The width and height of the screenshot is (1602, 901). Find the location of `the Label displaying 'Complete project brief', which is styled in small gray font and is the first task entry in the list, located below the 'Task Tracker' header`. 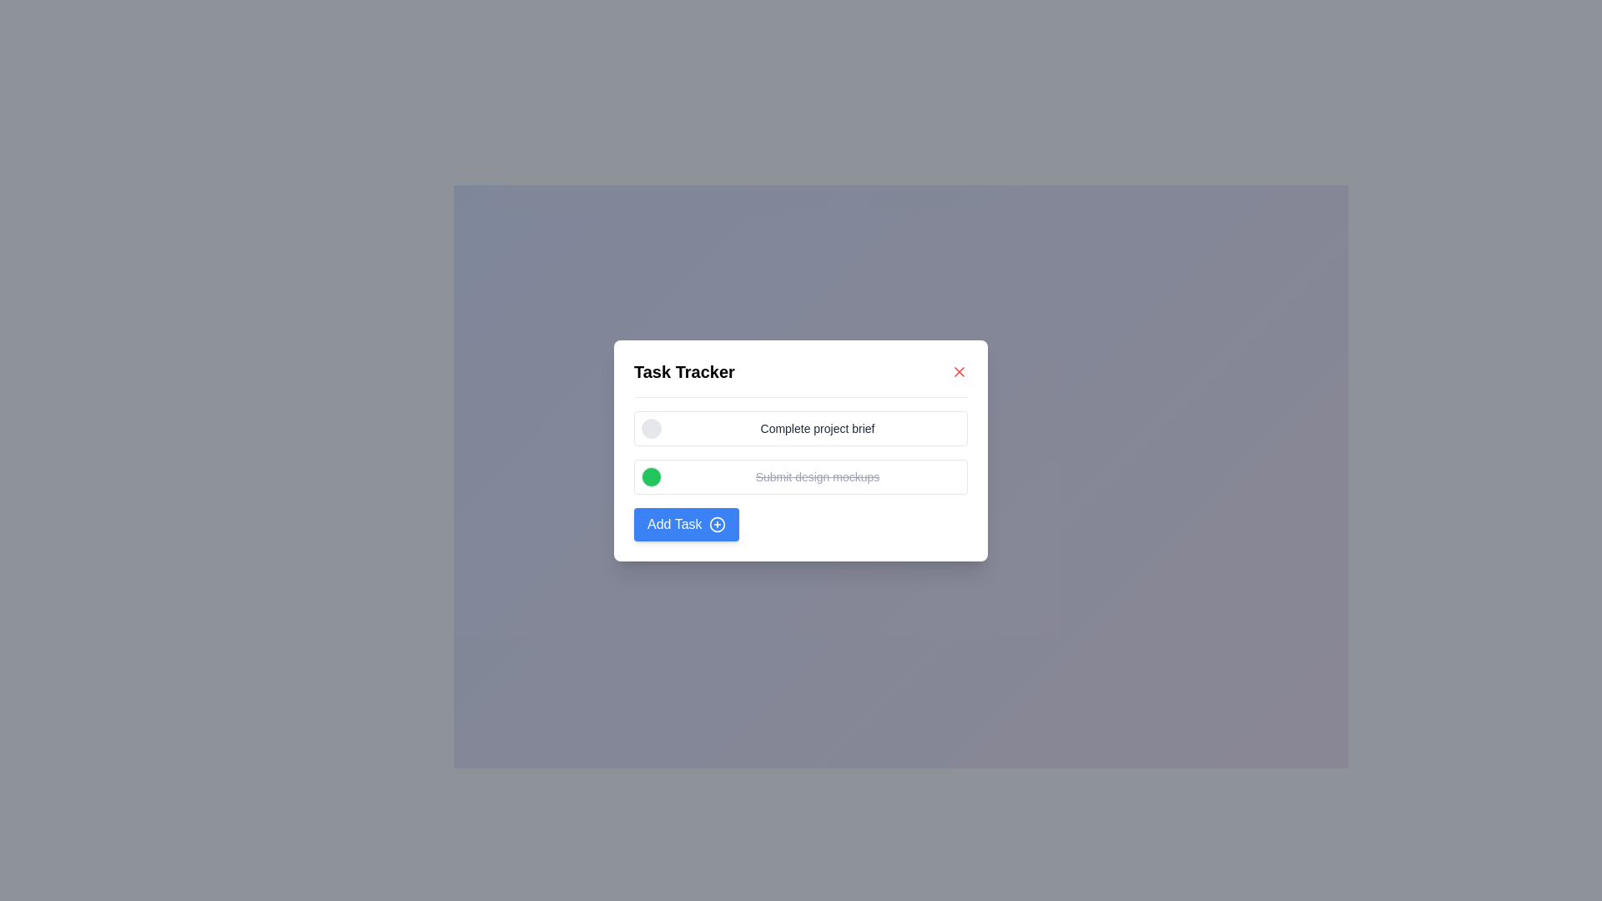

the Label displaying 'Complete project brief', which is styled in small gray font and is the first task entry in the list, located below the 'Task Tracker' header is located at coordinates (817, 427).